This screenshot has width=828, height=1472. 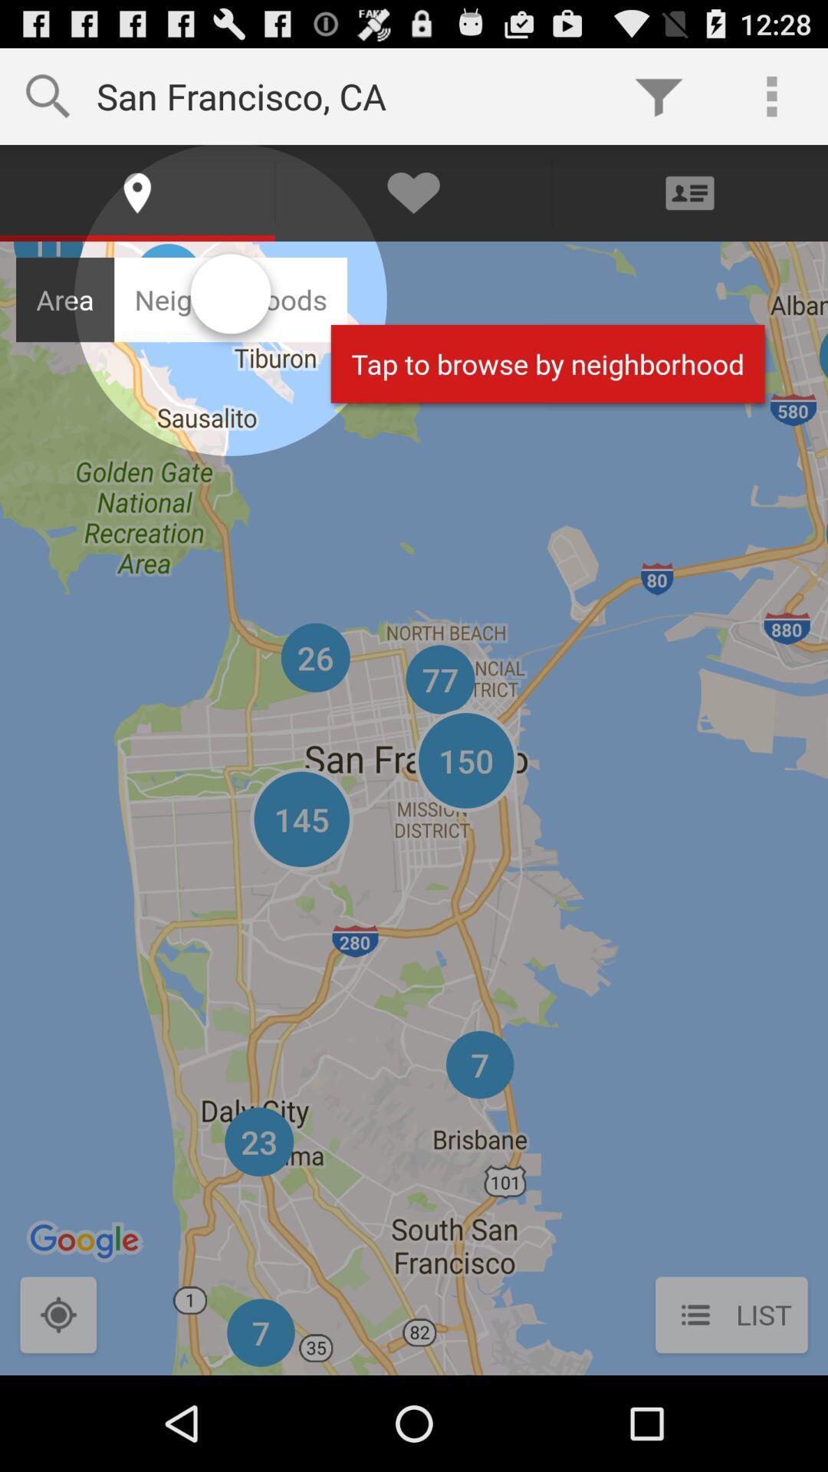 I want to click on detecte my current location, so click(x=58, y=1316).